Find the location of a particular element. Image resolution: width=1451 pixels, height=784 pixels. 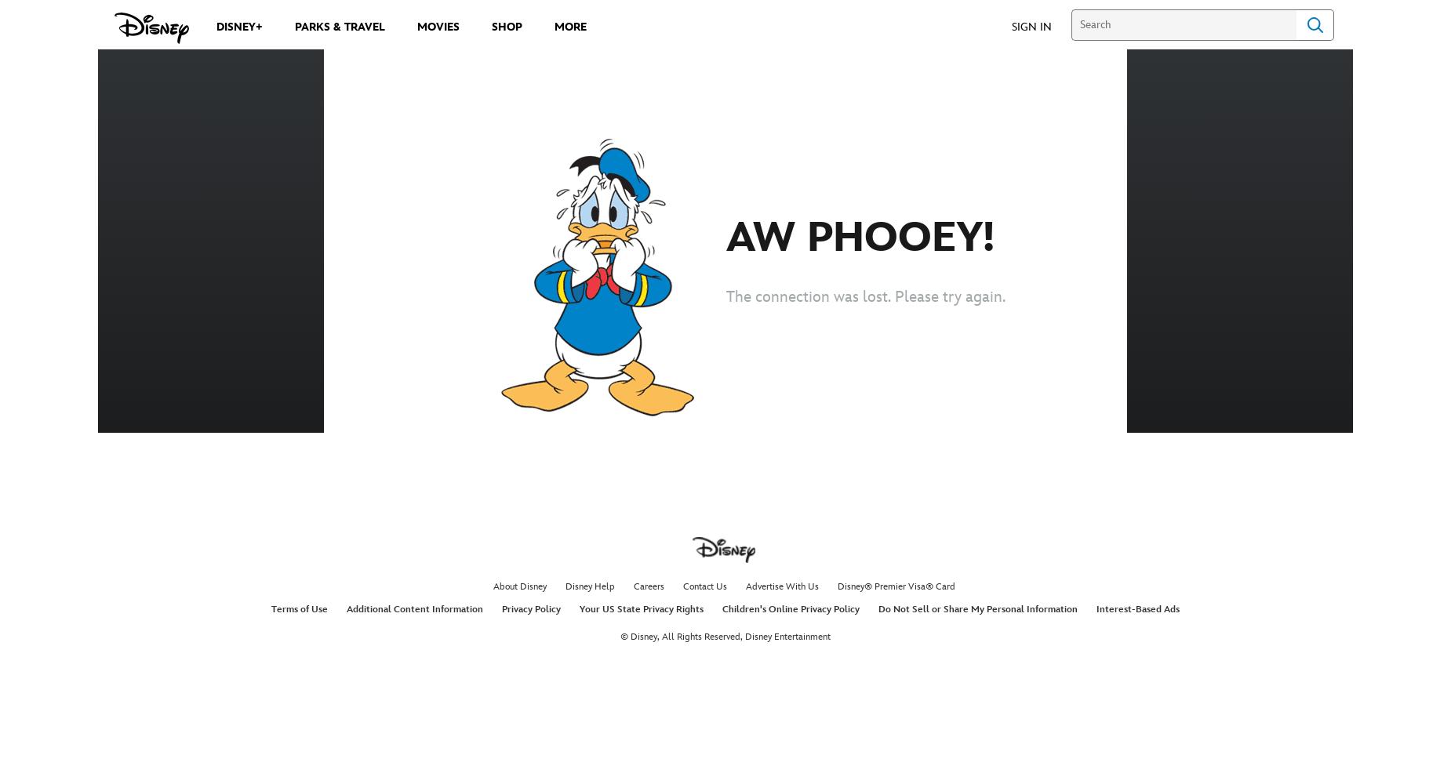

'Disney® Premier Visa® Card' is located at coordinates (895, 586).